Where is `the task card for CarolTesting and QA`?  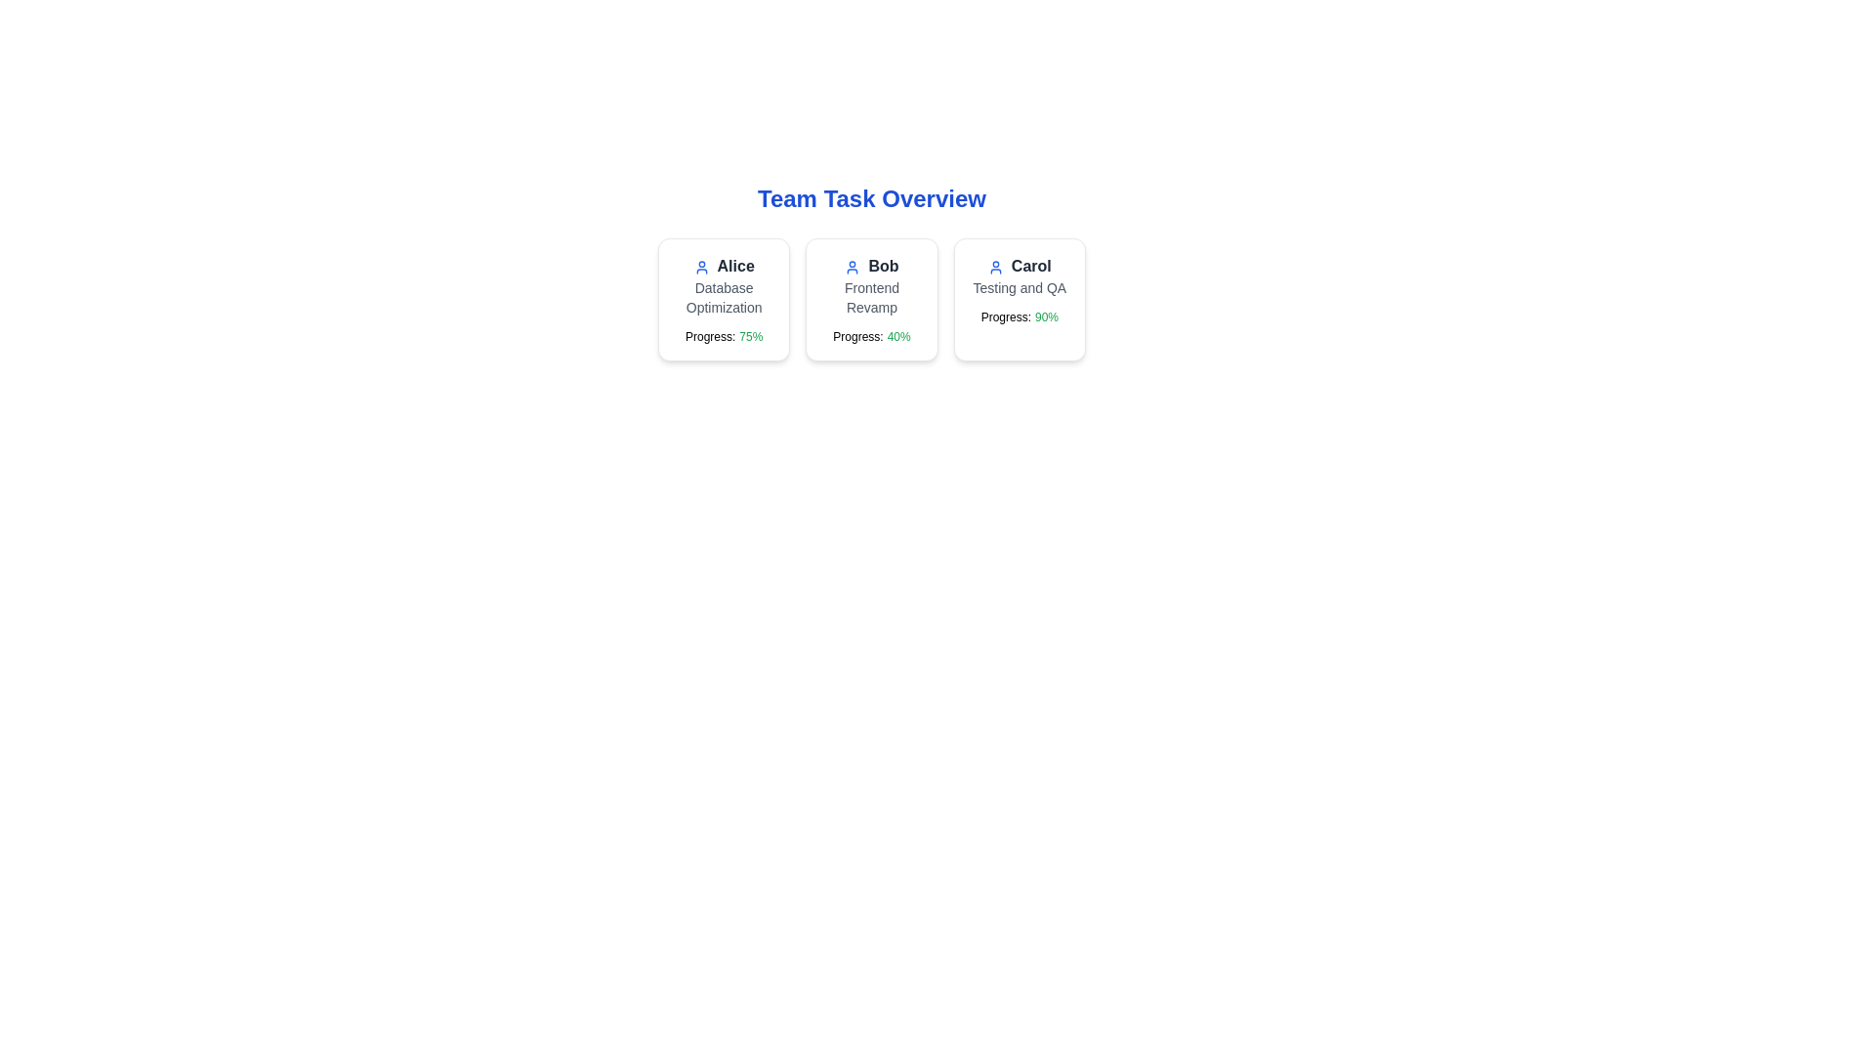
the task card for CarolTesting and QA is located at coordinates (1019, 300).